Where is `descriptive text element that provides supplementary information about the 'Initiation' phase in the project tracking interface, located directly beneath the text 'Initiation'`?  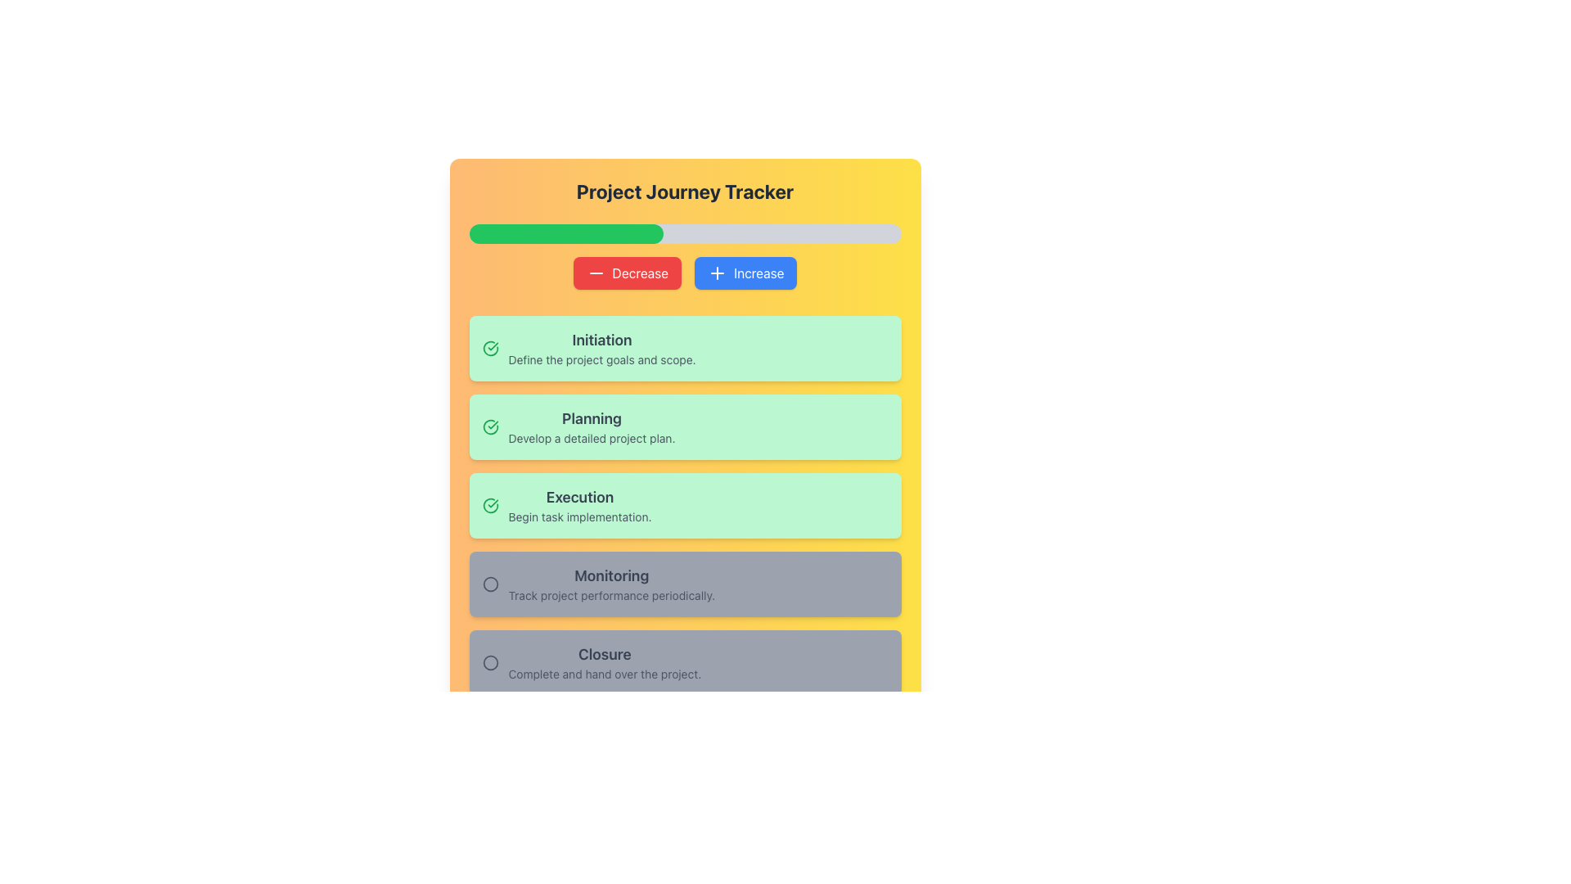
descriptive text element that provides supplementary information about the 'Initiation' phase in the project tracking interface, located directly beneath the text 'Initiation' is located at coordinates (601, 359).